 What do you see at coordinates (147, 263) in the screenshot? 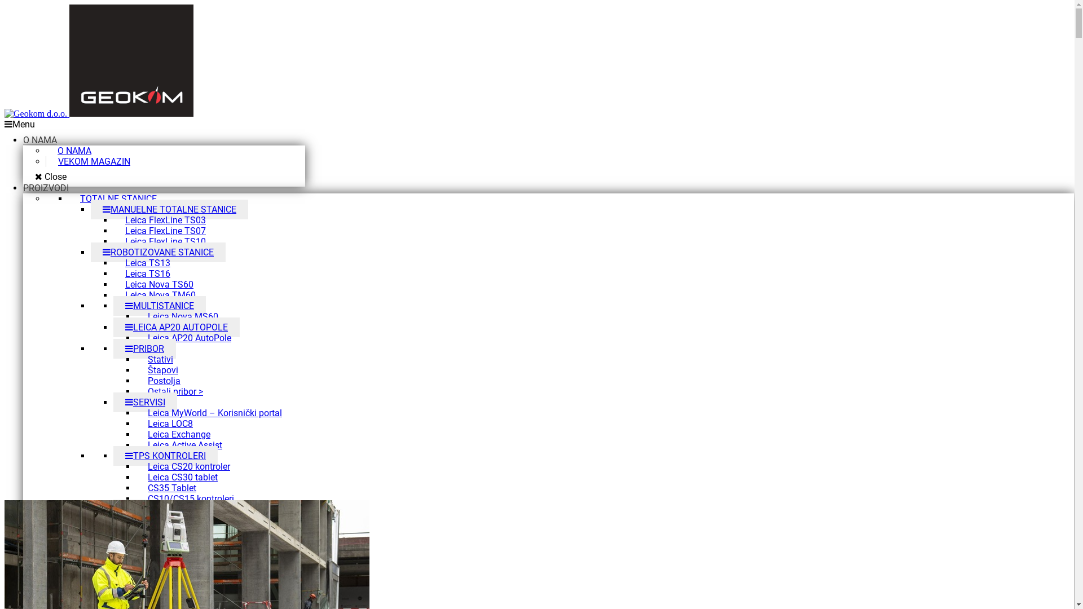
I see `'Leica TS13'` at bounding box center [147, 263].